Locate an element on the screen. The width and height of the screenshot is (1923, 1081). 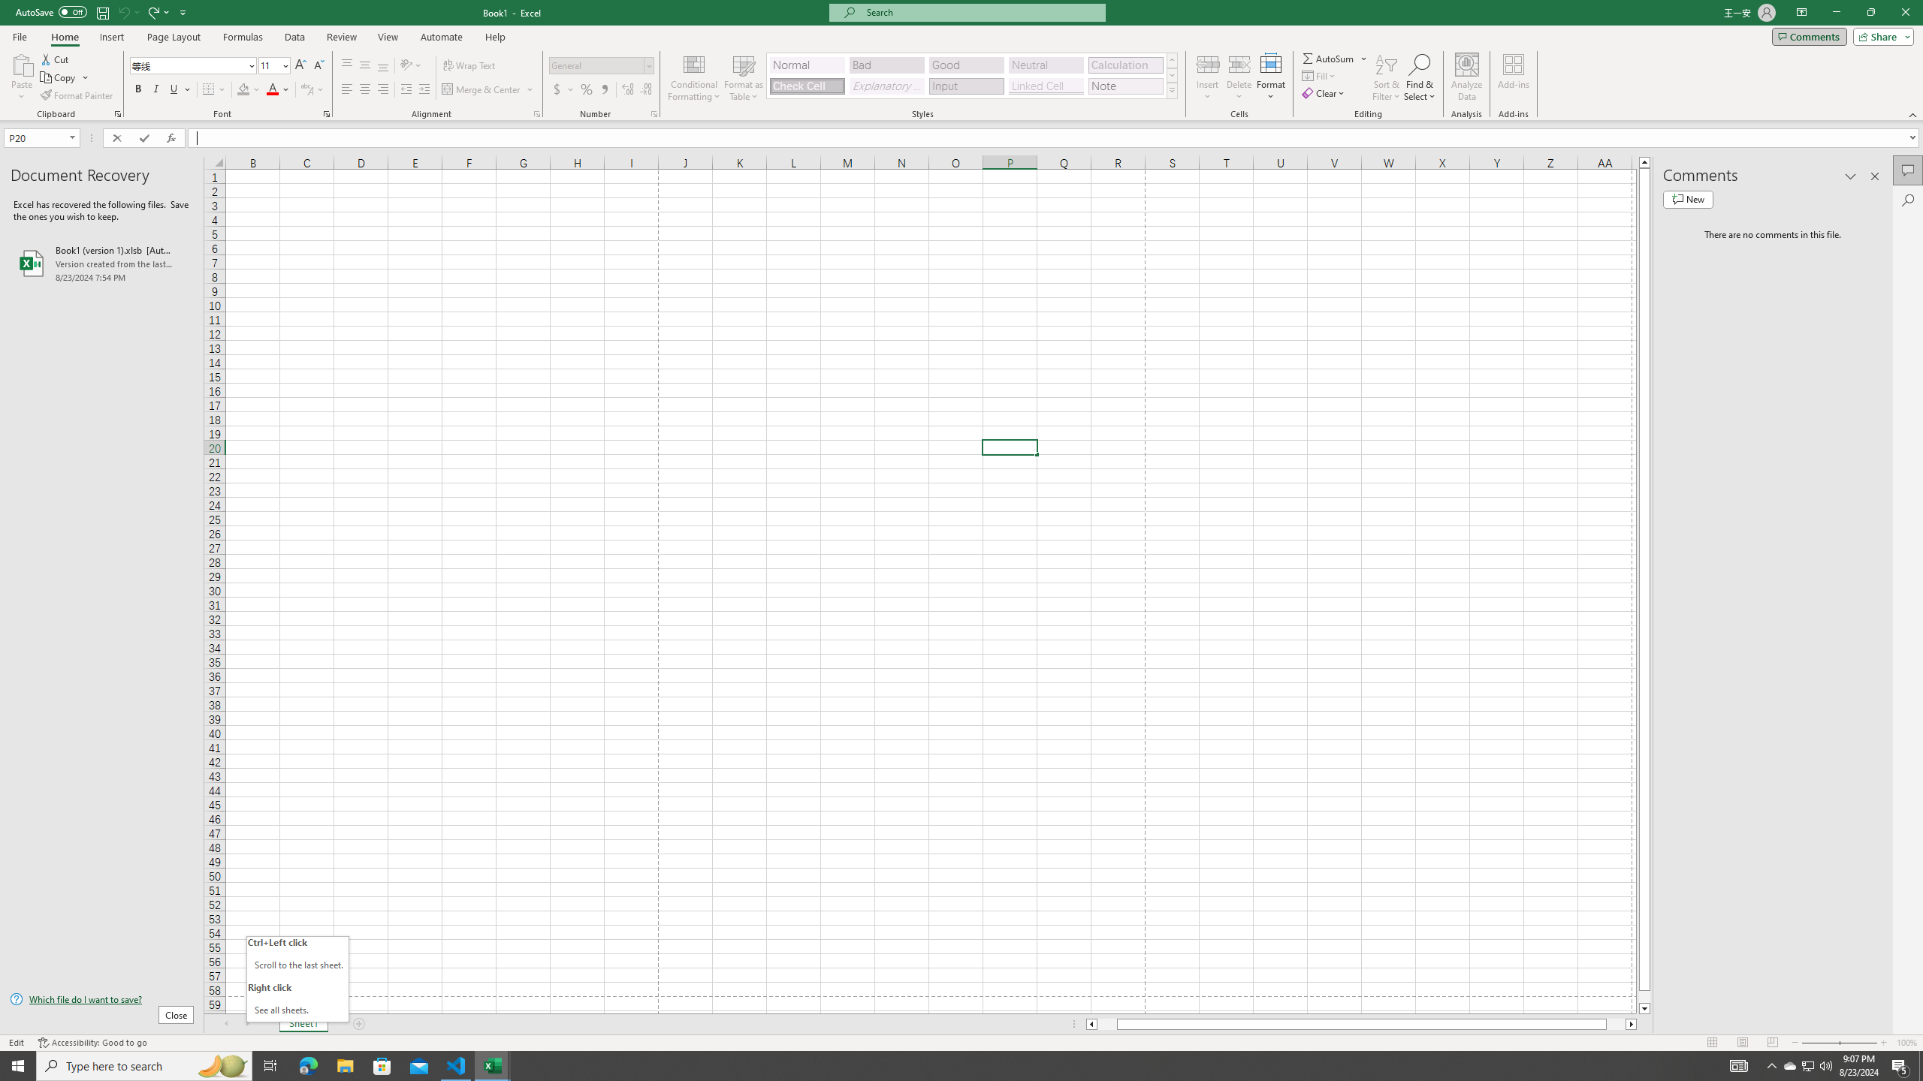
'Underline' is located at coordinates (174, 89).